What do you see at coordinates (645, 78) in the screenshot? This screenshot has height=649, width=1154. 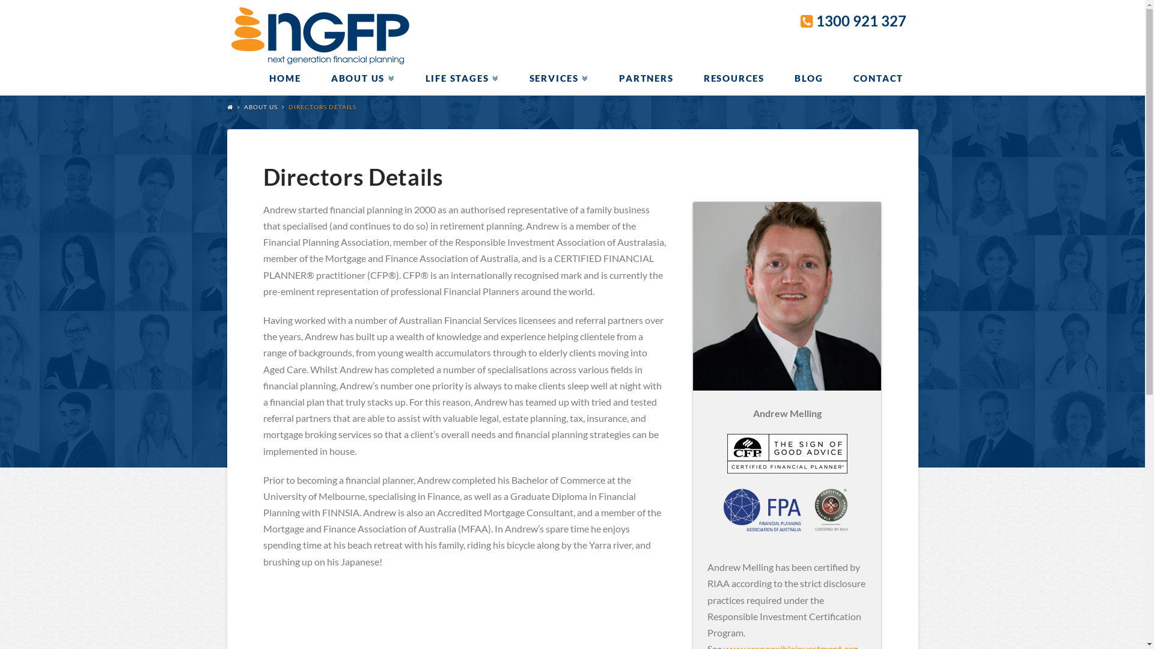 I see `'PARTNERS'` at bounding box center [645, 78].